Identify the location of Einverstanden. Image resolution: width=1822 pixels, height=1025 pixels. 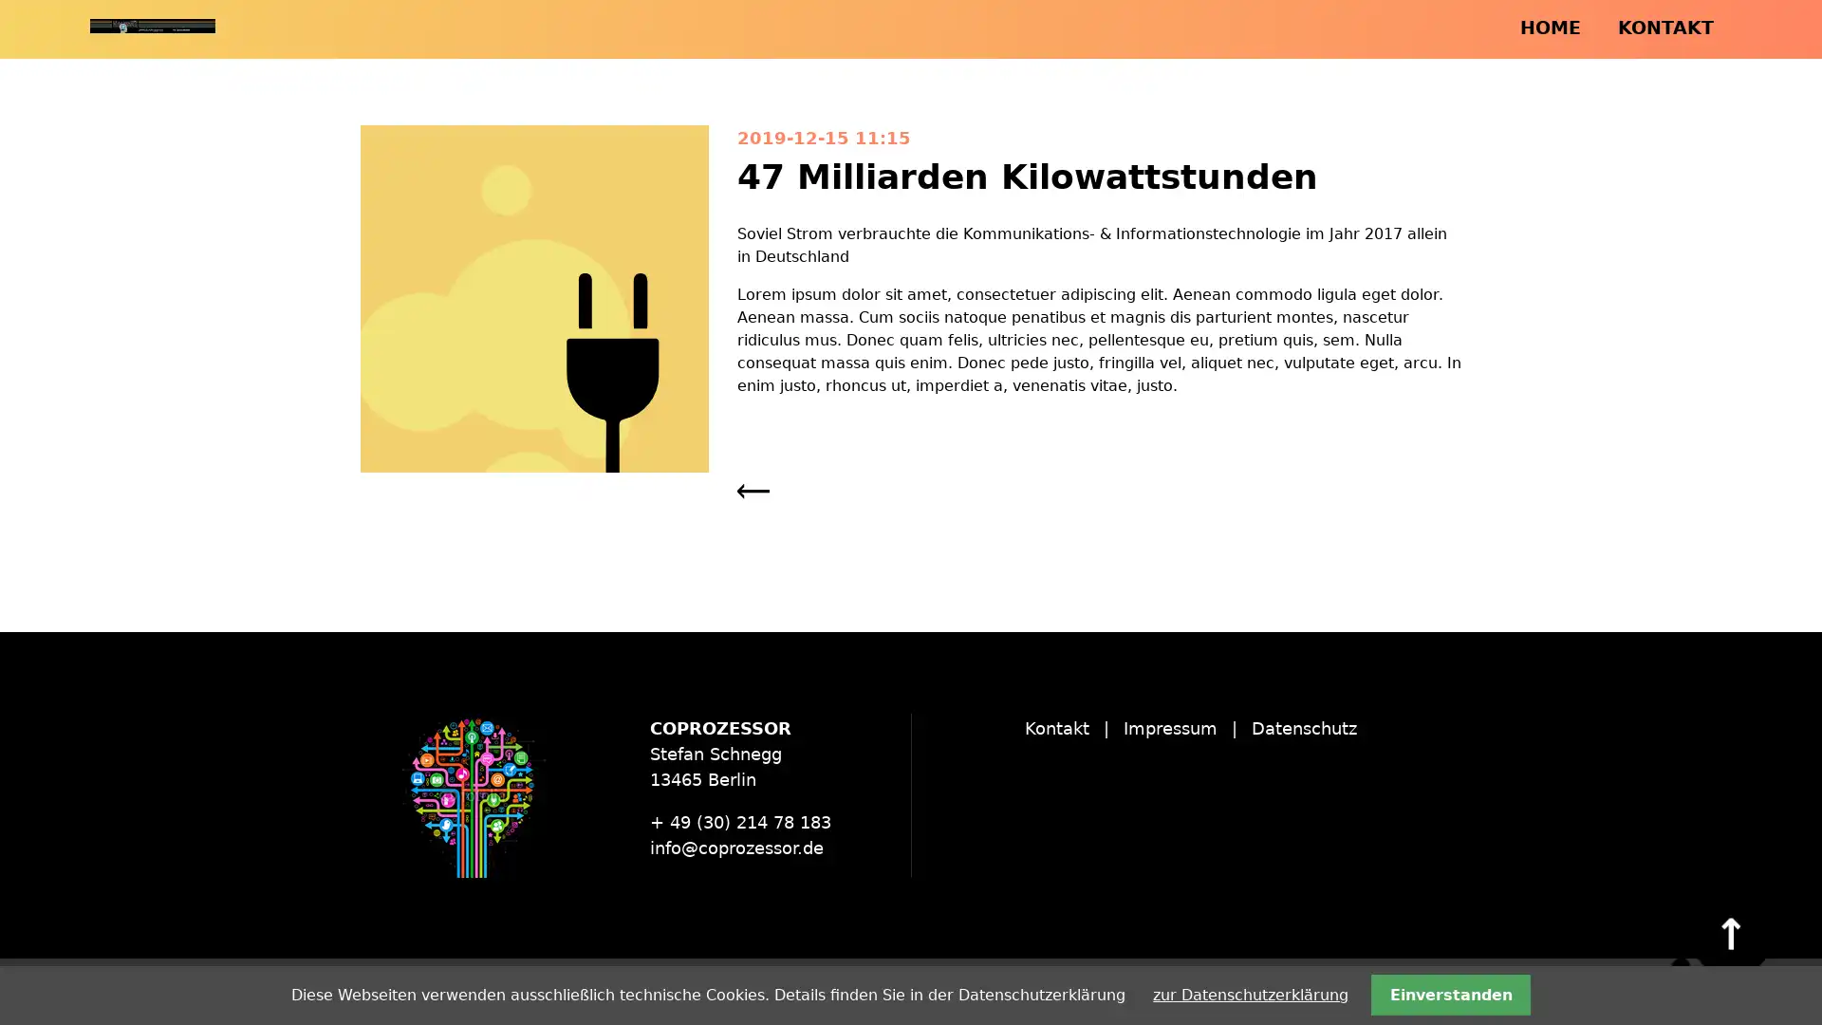
(1449, 994).